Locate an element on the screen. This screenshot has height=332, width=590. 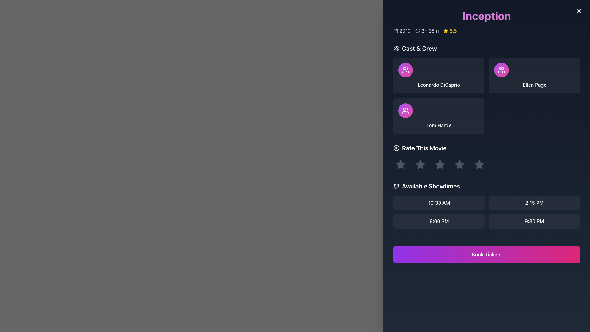
the button for booking tickets is located at coordinates (486, 255).